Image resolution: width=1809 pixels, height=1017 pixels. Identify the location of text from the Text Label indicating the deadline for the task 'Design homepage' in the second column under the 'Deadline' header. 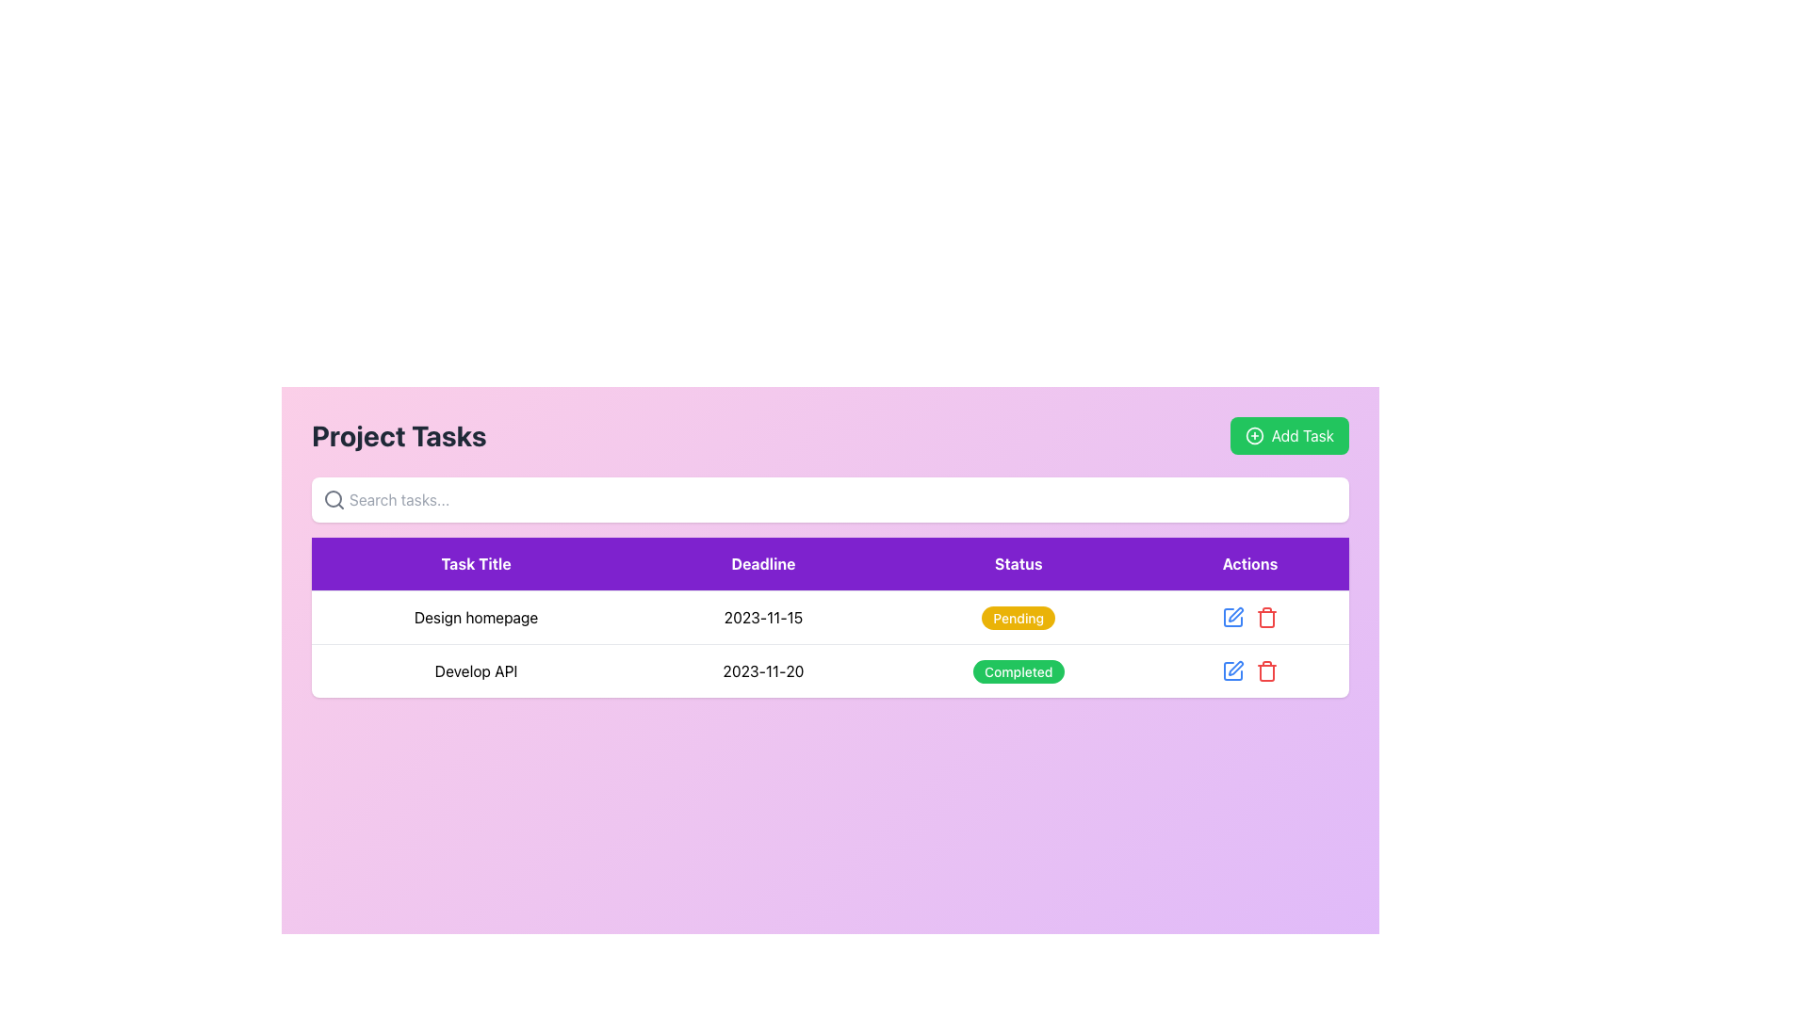
(763, 617).